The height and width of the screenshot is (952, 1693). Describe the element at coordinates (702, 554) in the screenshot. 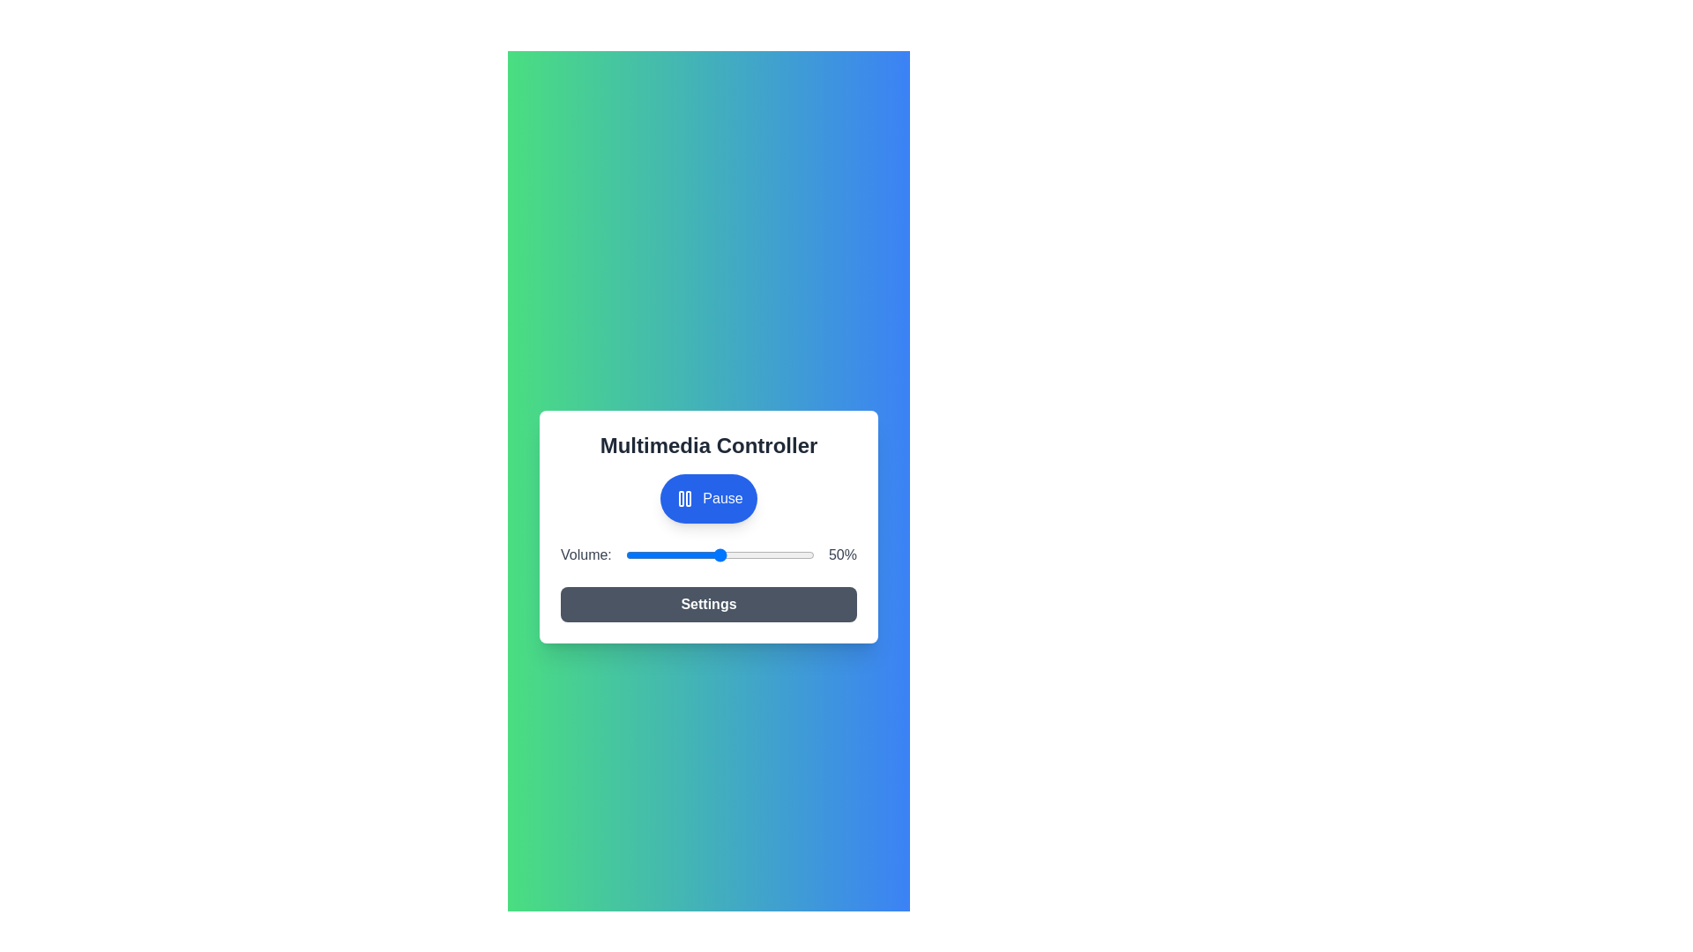

I see `the volume` at that location.